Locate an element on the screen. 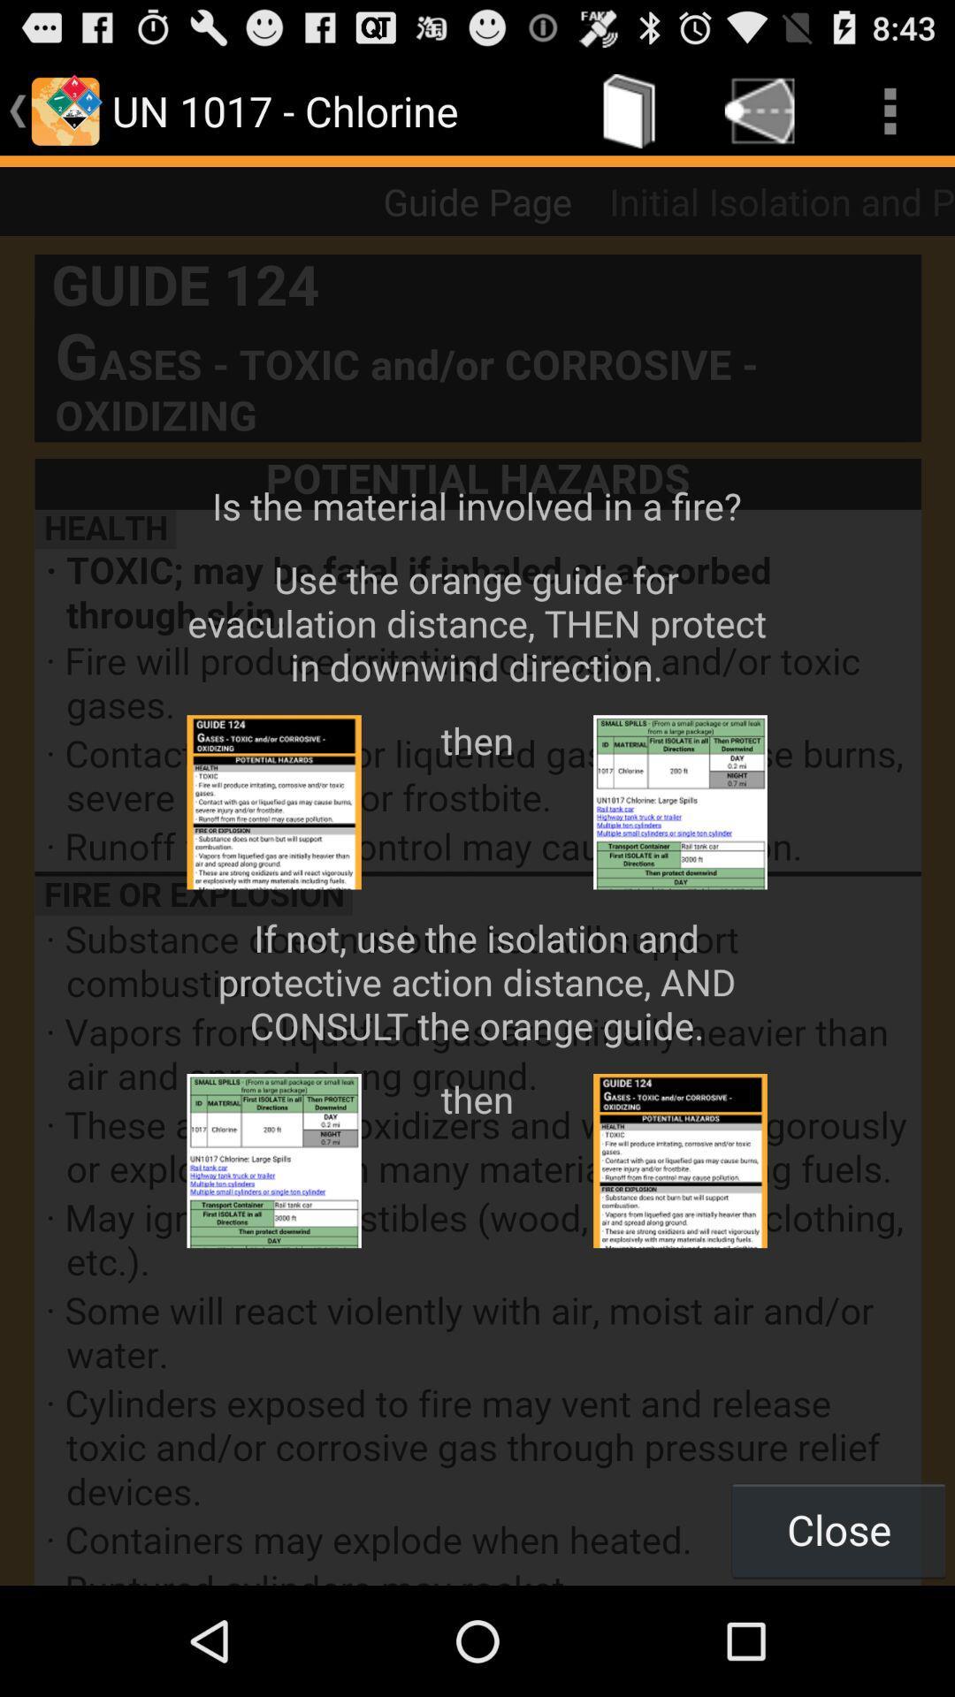  the icon at to left is located at coordinates (64, 110).